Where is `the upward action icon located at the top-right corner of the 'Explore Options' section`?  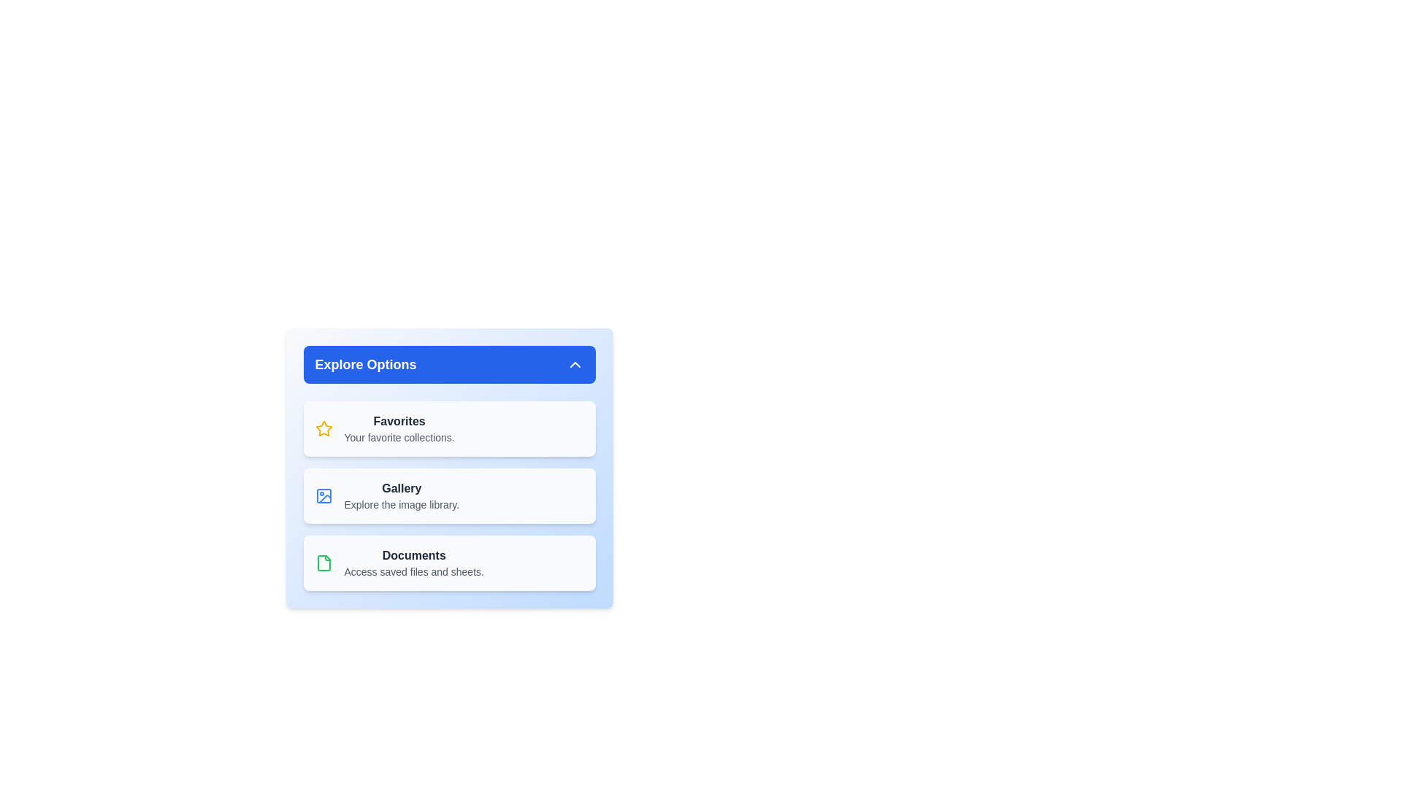
the upward action icon located at the top-right corner of the 'Explore Options' section is located at coordinates (574, 364).